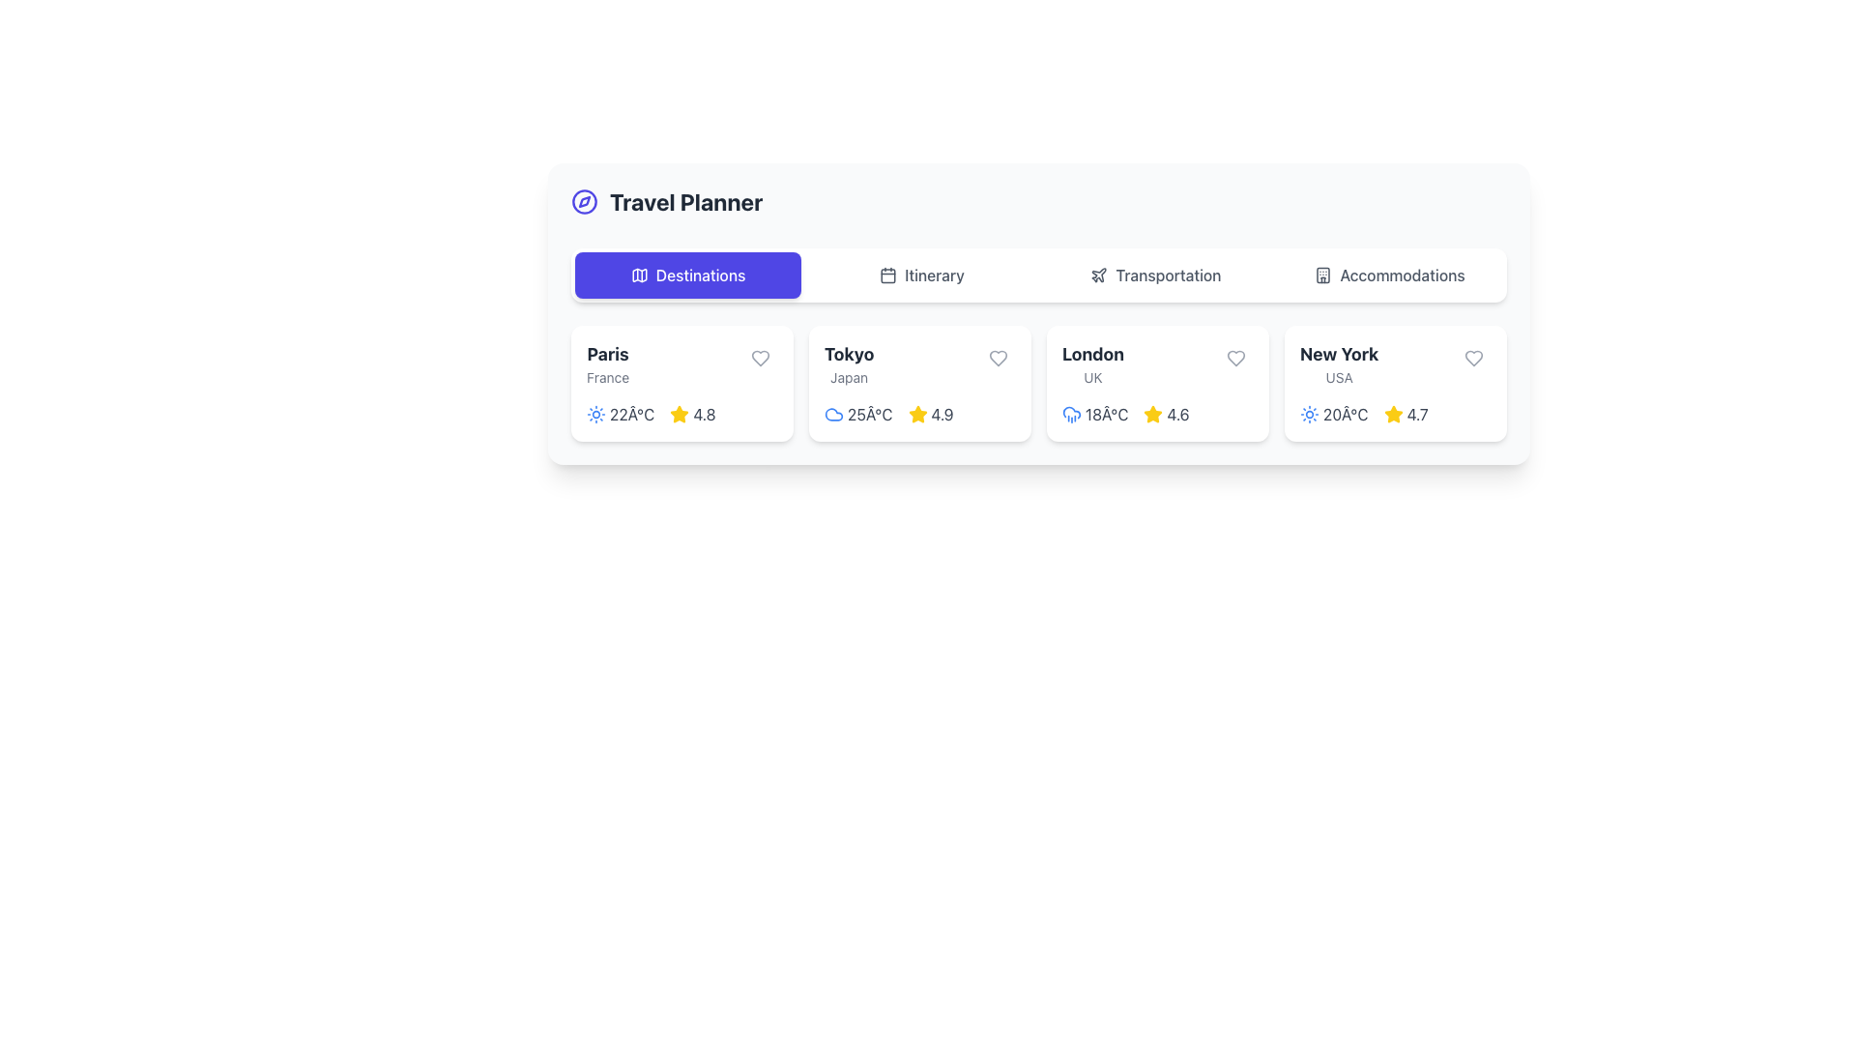  I want to click on the 'Accommodations' text label located on the top-right portion of the interface, aligned with the 'Transportation' tab, so click(1402, 275).